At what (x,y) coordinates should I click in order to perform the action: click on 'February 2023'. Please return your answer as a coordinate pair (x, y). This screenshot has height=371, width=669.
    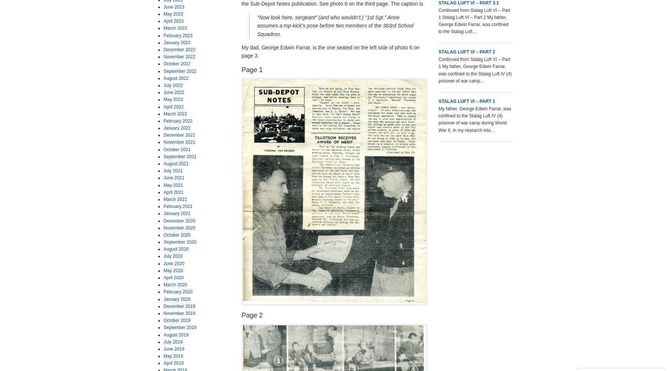
    Looking at the image, I should click on (177, 35).